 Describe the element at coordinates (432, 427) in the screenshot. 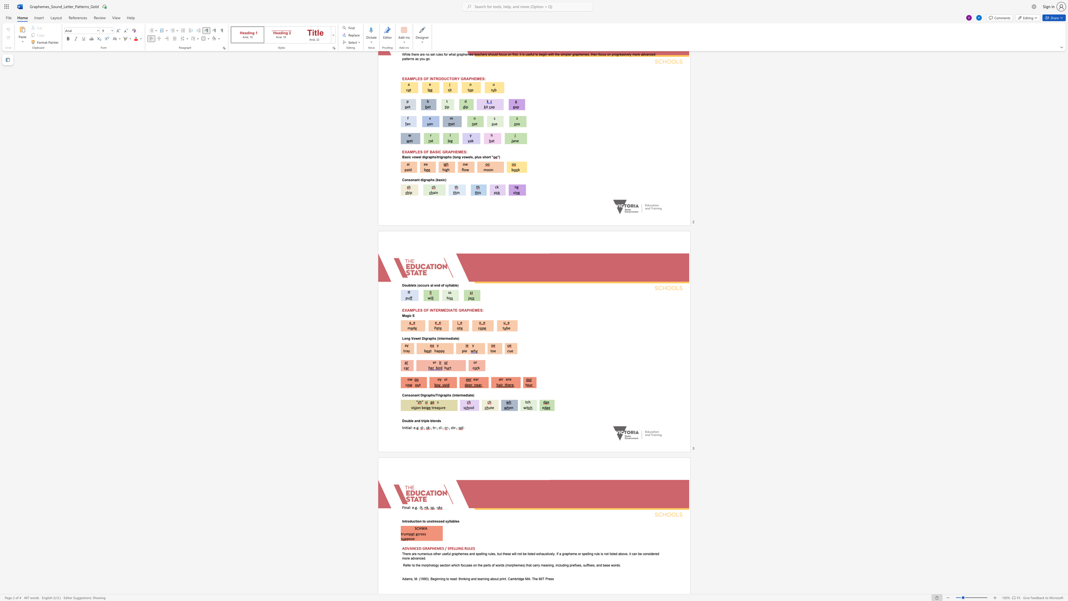

I see `the subset text "tr-, cl-," within the text "-, tr-, cl-,"` at that location.